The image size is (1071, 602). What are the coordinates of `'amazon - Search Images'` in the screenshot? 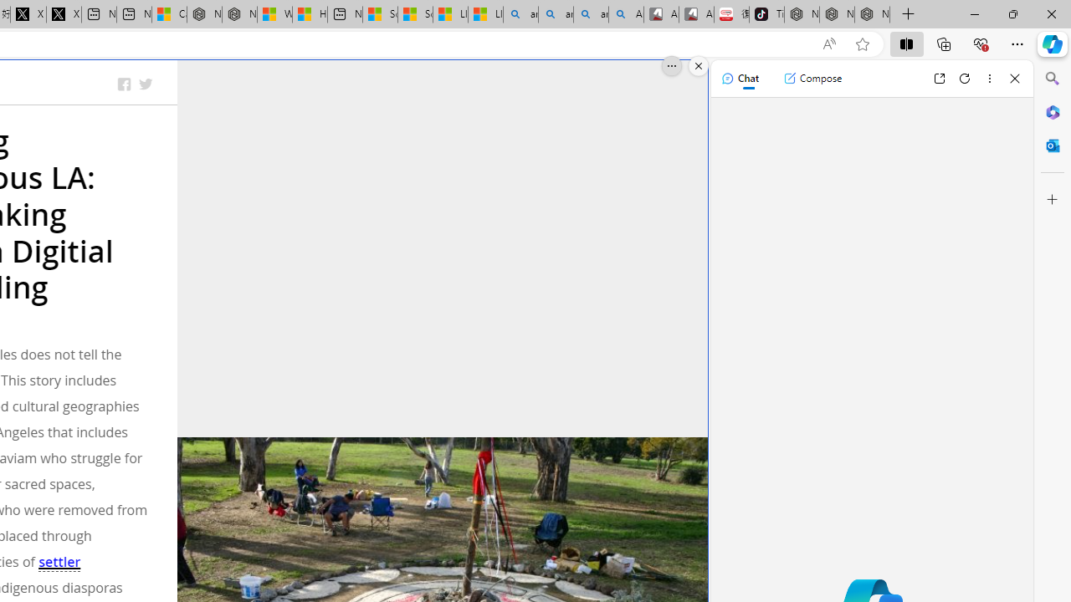 It's located at (591, 14).